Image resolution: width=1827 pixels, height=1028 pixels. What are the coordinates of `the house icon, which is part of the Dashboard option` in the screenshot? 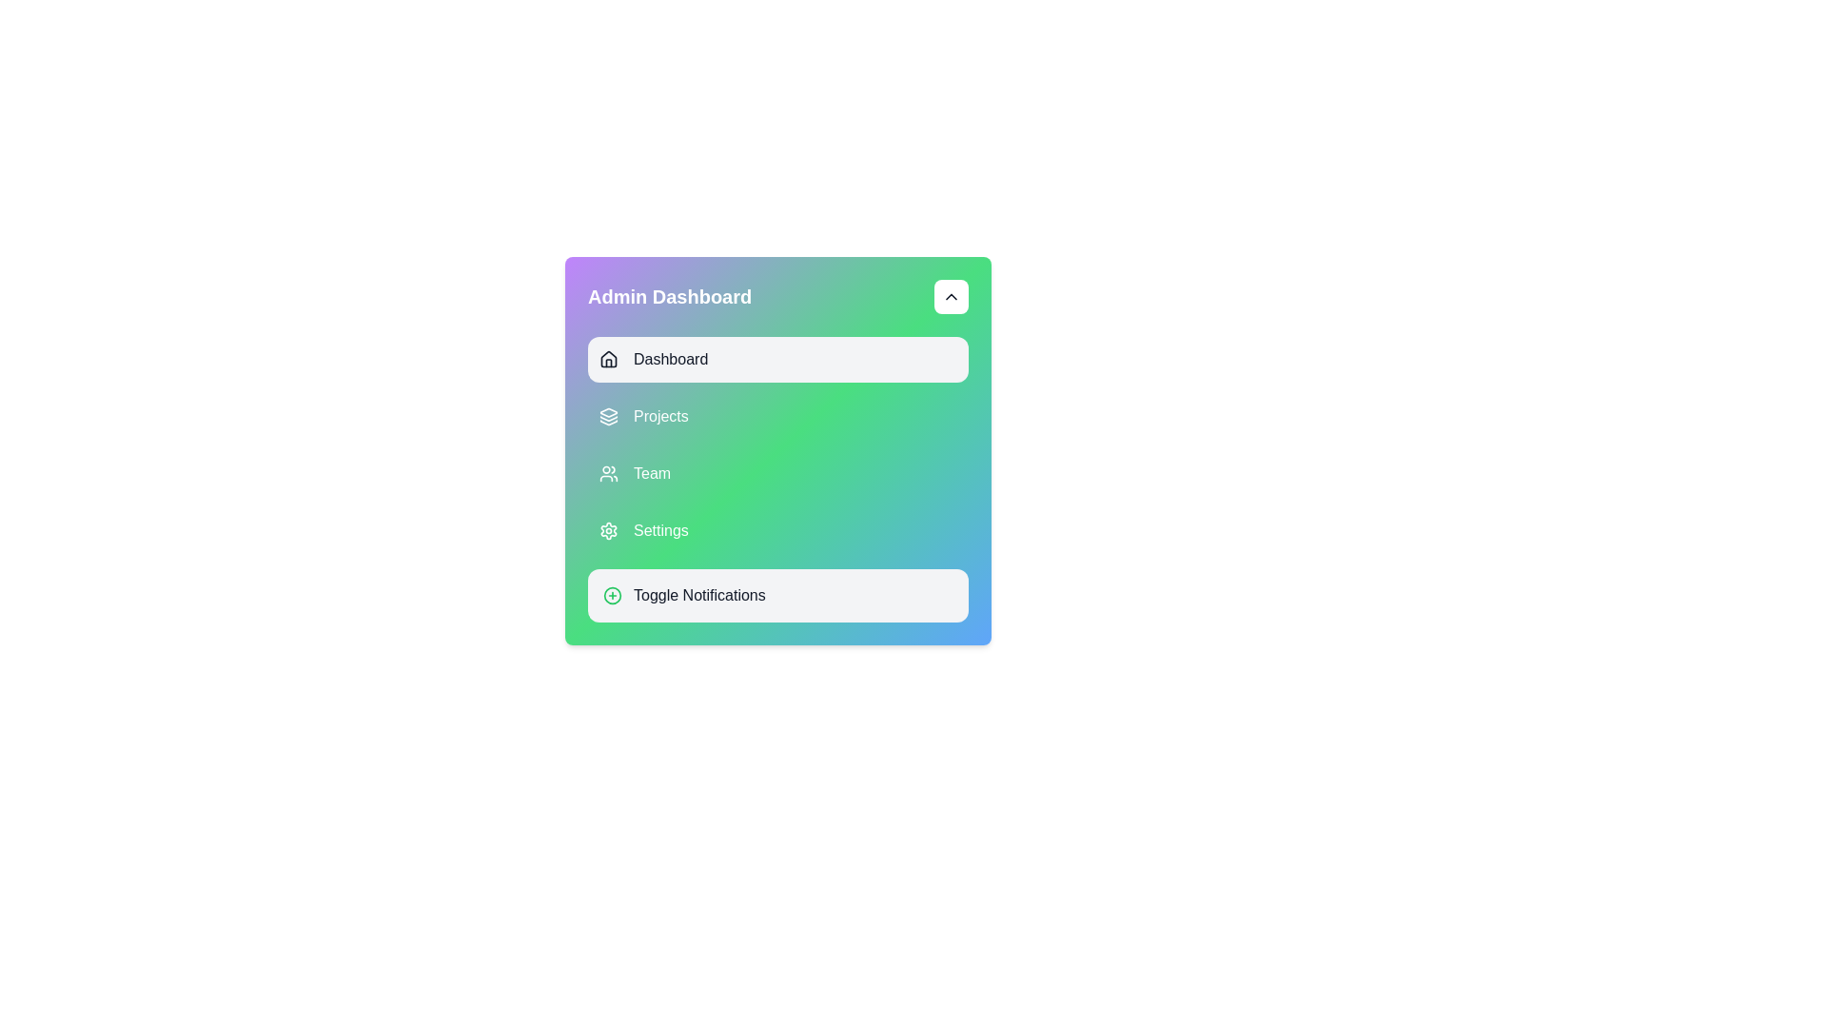 It's located at (607, 359).